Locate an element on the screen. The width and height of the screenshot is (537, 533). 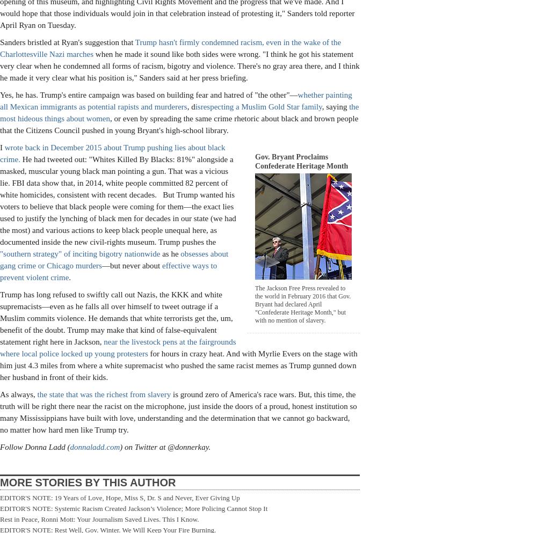
'.' is located at coordinates (70, 276).